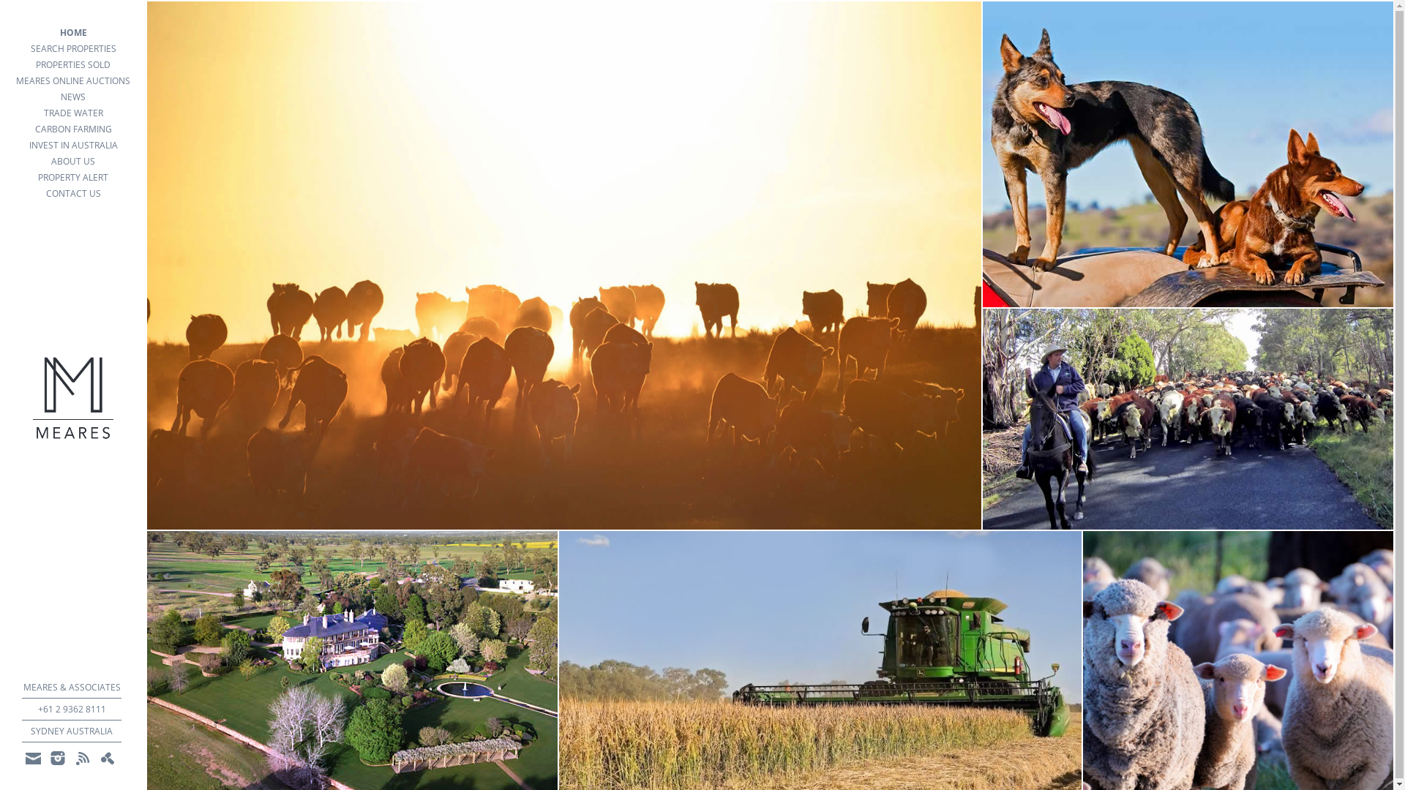 Image resolution: width=1405 pixels, height=790 pixels. What do you see at coordinates (82, 757) in the screenshot?
I see `'.'` at bounding box center [82, 757].